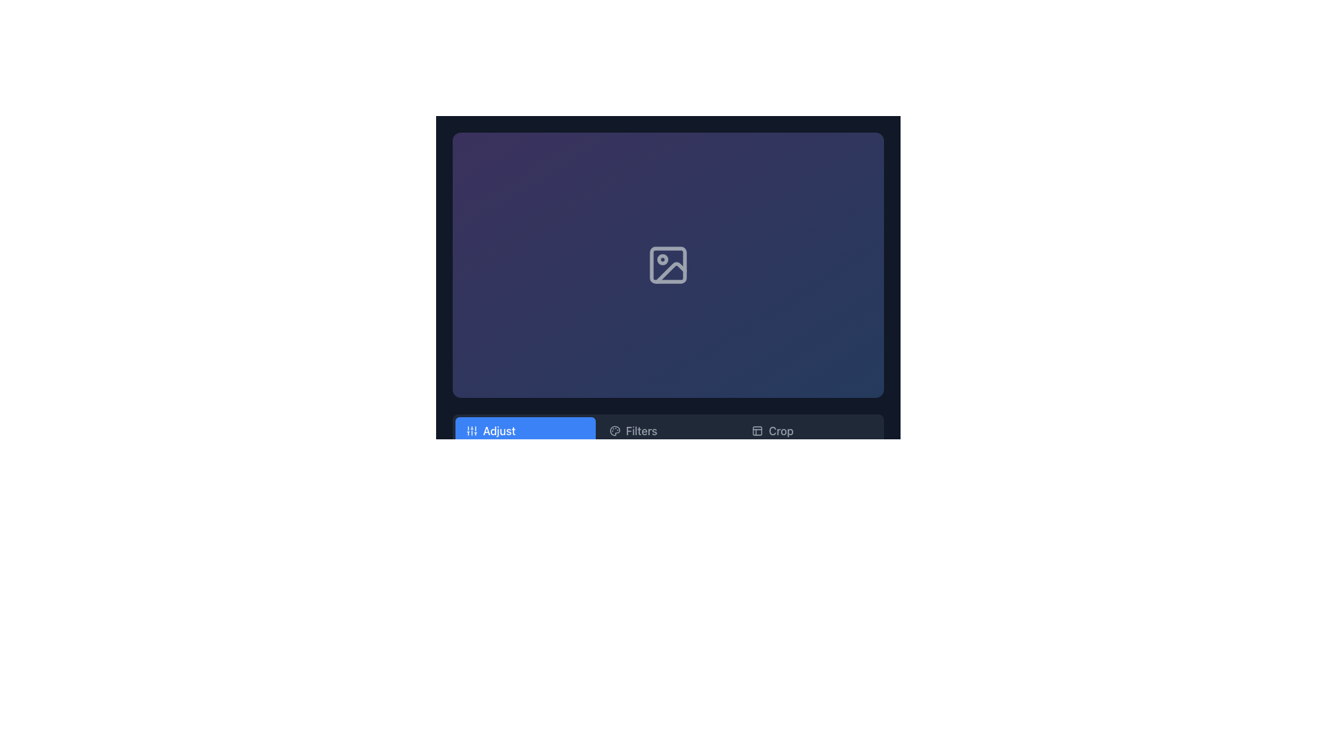 Image resolution: width=1327 pixels, height=746 pixels. What do you see at coordinates (781, 430) in the screenshot?
I see `the text label displaying 'Crop' in light gray color, located at the bottom-right section of the control interface` at bounding box center [781, 430].